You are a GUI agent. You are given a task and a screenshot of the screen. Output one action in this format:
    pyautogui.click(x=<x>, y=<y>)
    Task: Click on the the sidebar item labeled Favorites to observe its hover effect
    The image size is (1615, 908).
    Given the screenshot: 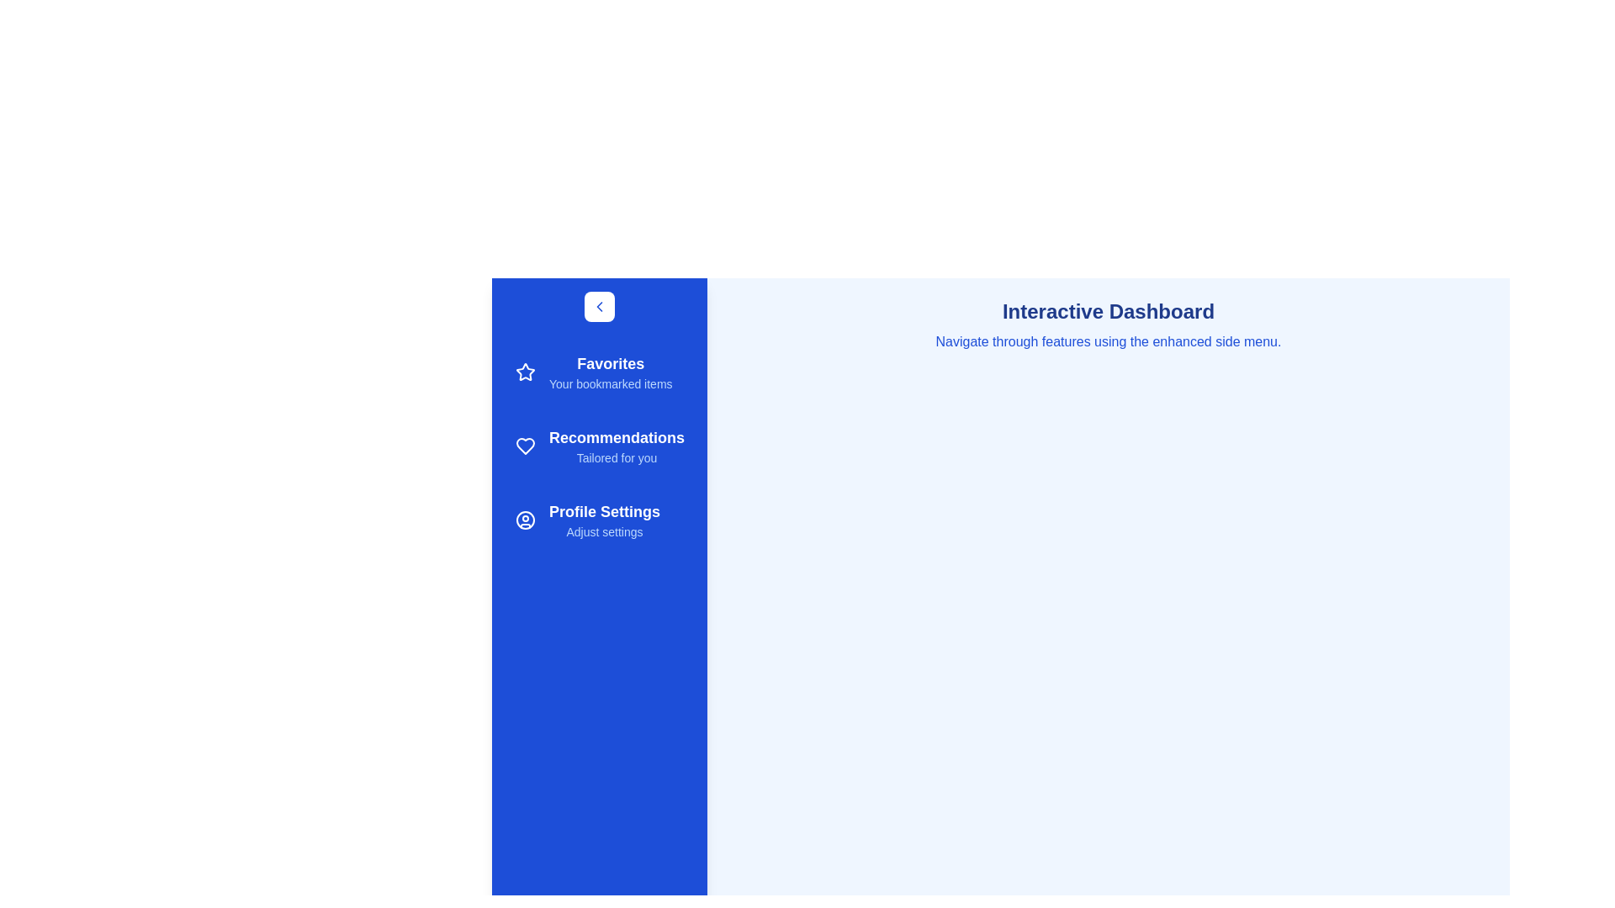 What is the action you would take?
    pyautogui.click(x=600, y=372)
    